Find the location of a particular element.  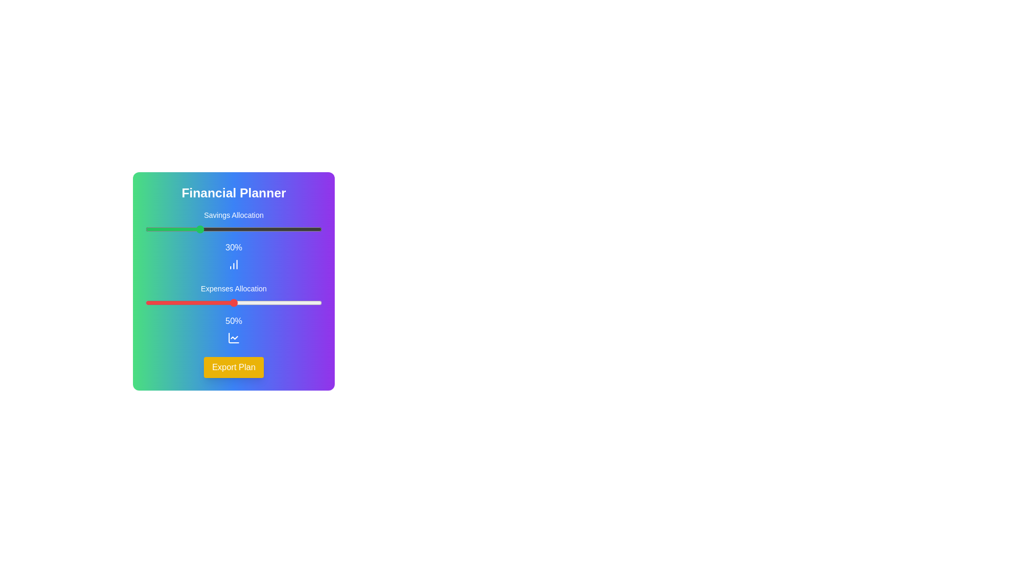

the savings allocation slider is located at coordinates (198, 228).